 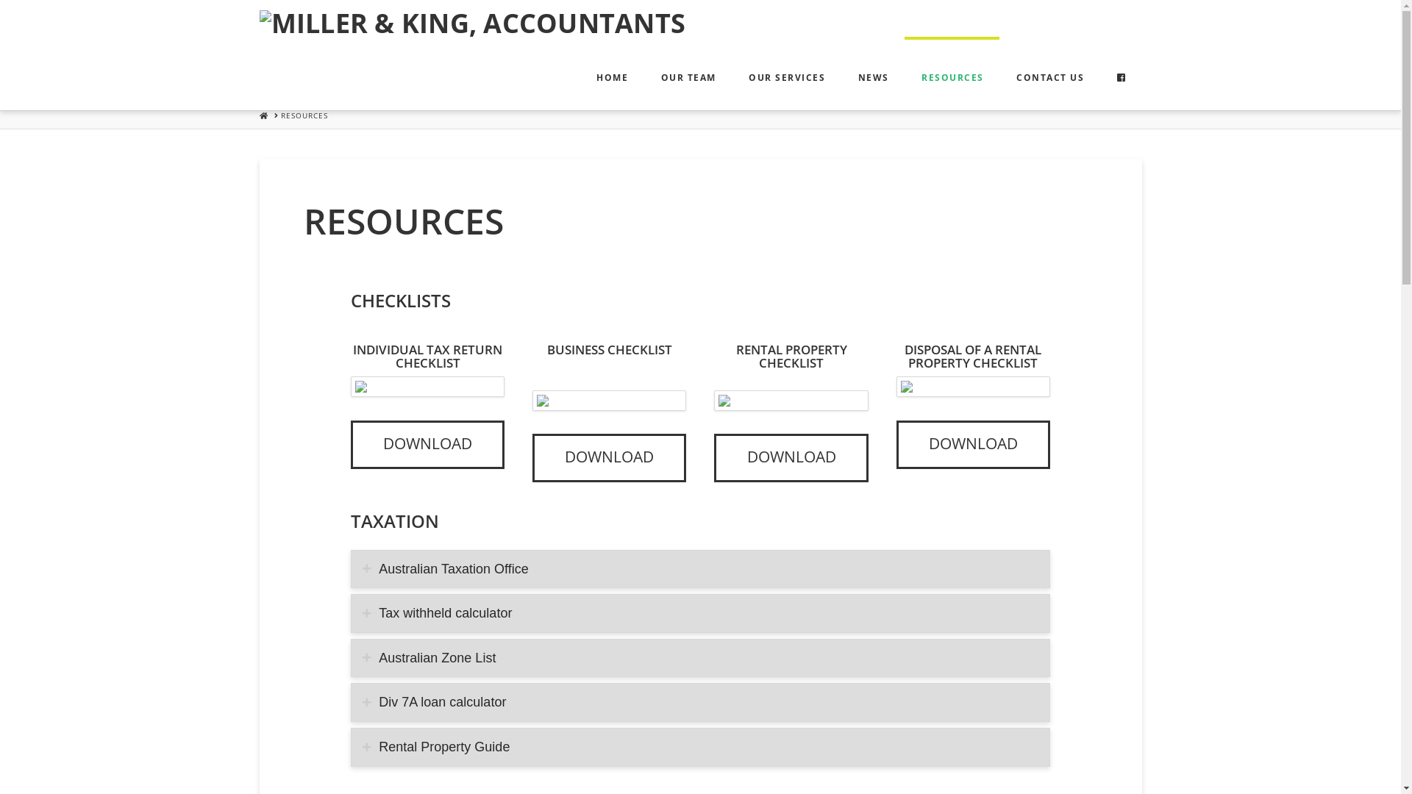 What do you see at coordinates (643, 74) in the screenshot?
I see `'OUR TEAM'` at bounding box center [643, 74].